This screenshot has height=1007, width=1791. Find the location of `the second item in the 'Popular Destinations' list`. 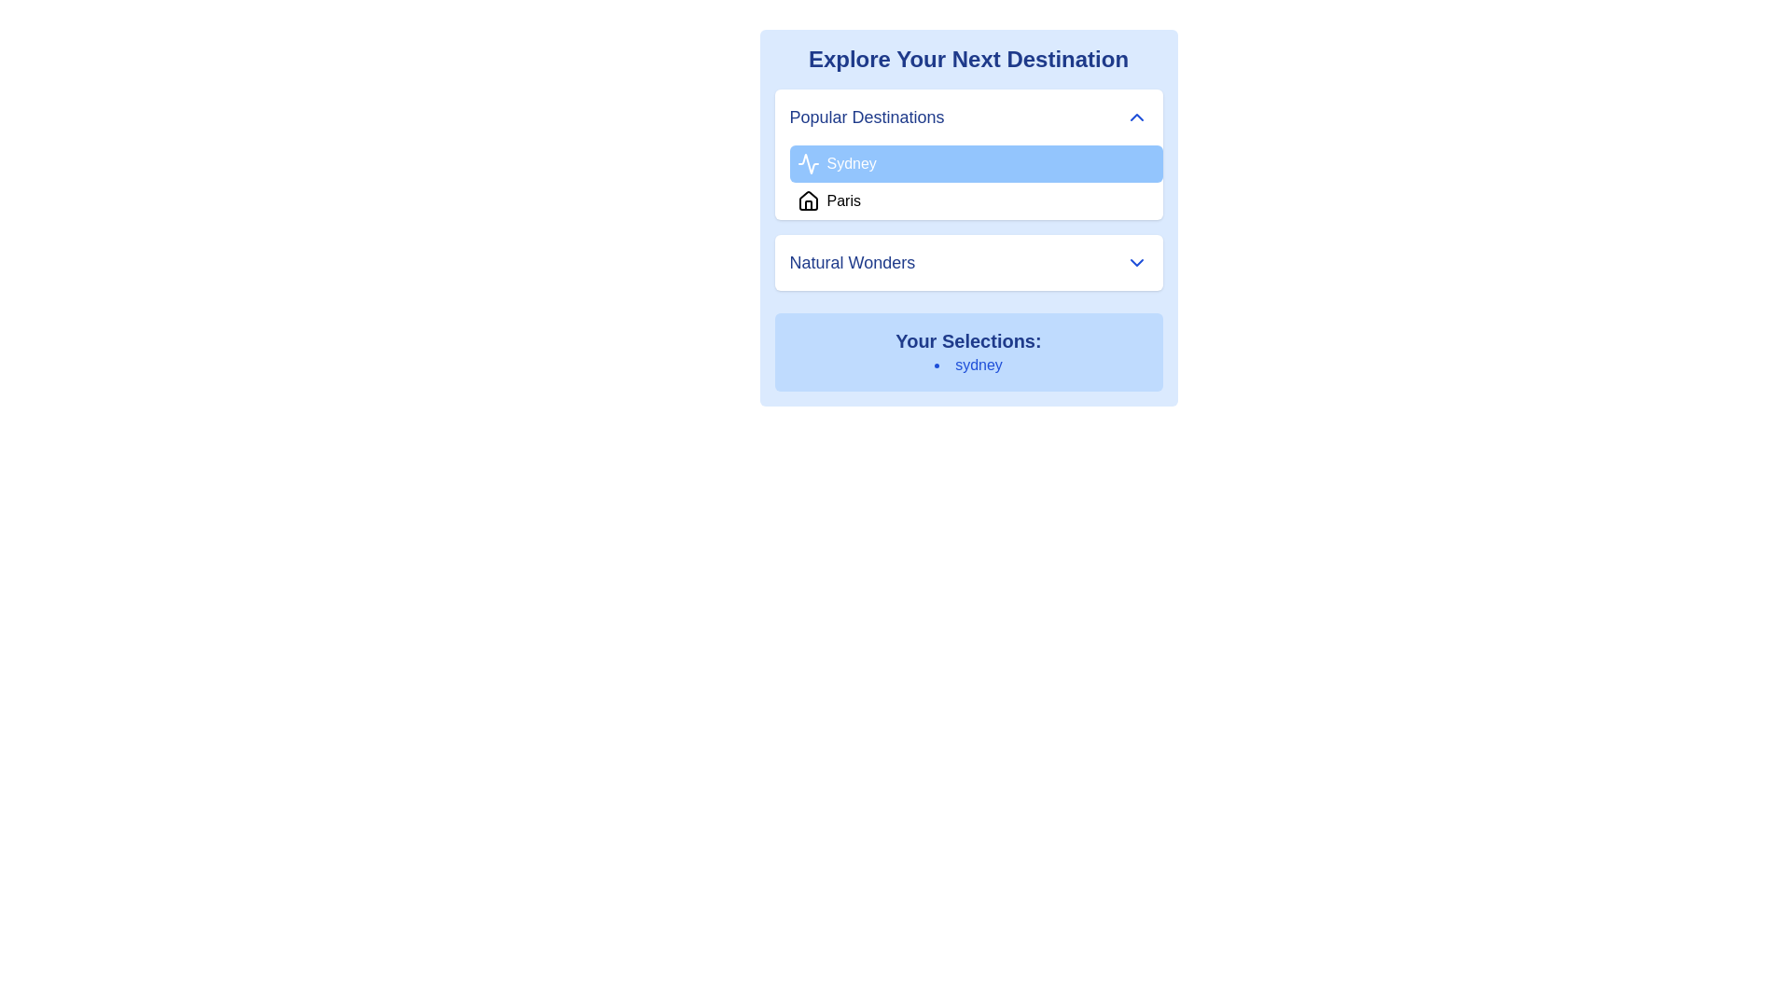

the second item in the 'Popular Destinations' list is located at coordinates (975, 201).